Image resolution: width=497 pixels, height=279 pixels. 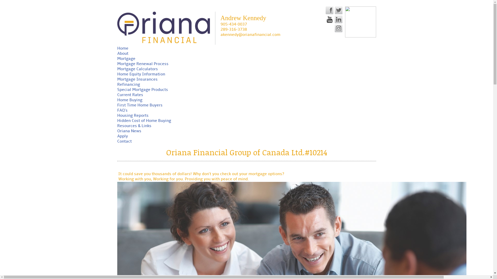 What do you see at coordinates (129, 100) in the screenshot?
I see `'Home Buying'` at bounding box center [129, 100].